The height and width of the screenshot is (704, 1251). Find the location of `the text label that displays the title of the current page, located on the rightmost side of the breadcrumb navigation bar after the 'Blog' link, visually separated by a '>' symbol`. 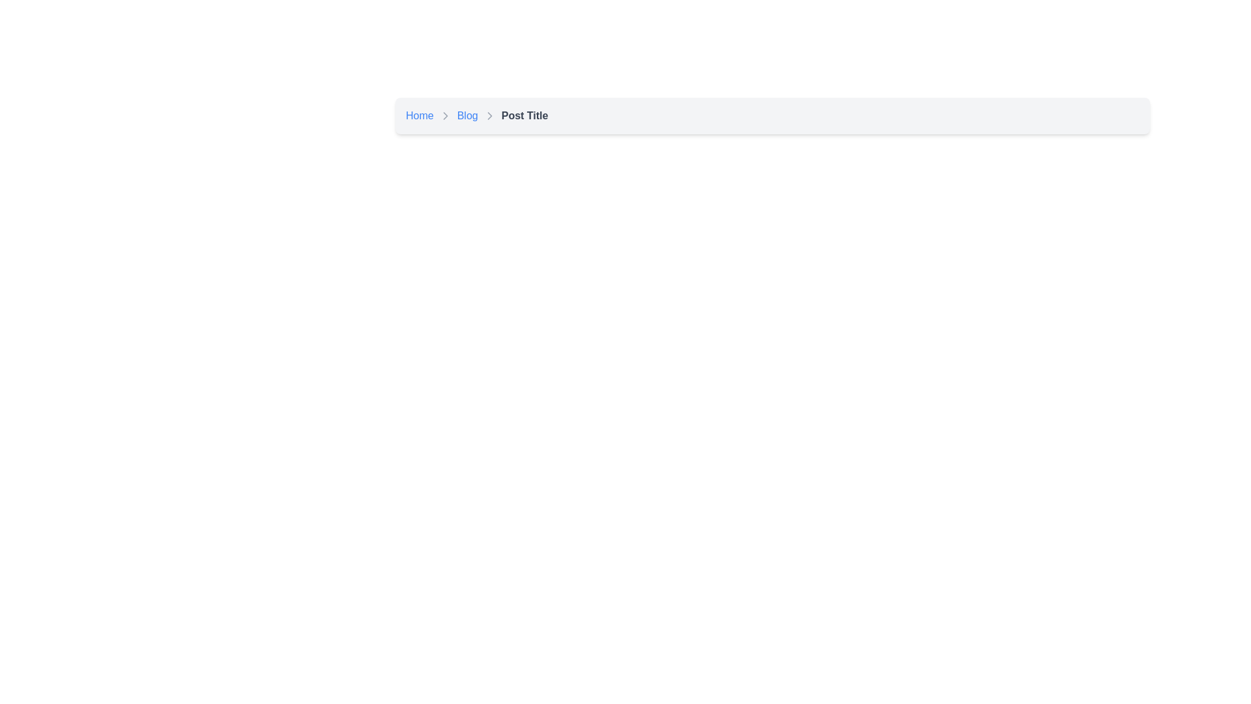

the text label that displays the title of the current page, located on the rightmost side of the breadcrumb navigation bar after the 'Blog' link, visually separated by a '>' symbol is located at coordinates (525, 115).